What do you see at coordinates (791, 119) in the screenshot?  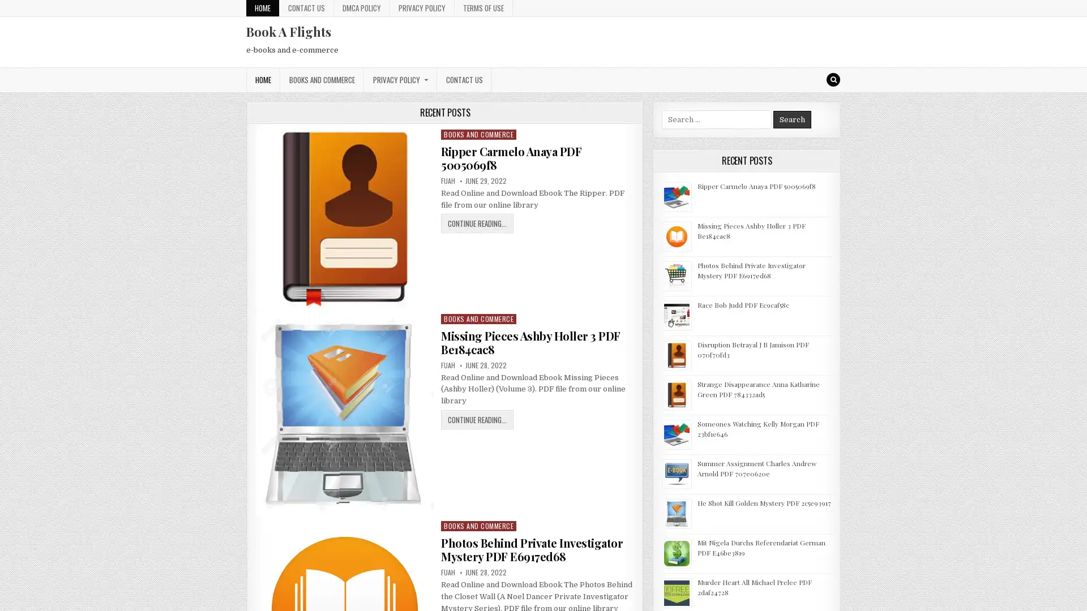 I see `Search` at bounding box center [791, 119].